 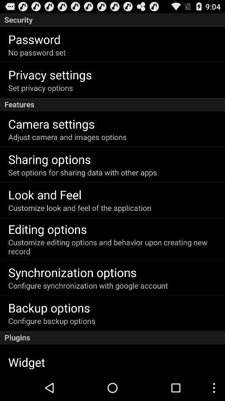 What do you see at coordinates (72, 272) in the screenshot?
I see `the icon below the customize editing options` at bounding box center [72, 272].